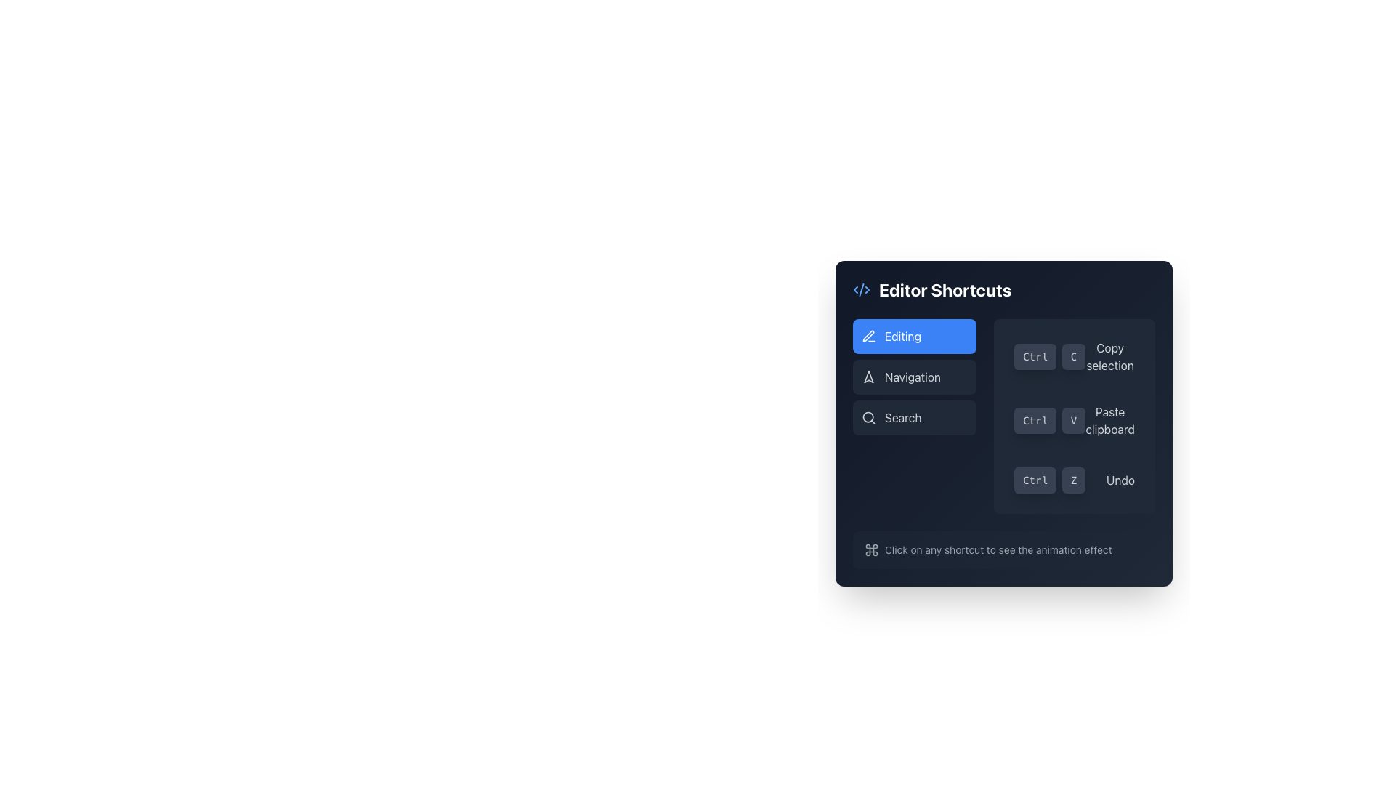  What do you see at coordinates (1003, 549) in the screenshot?
I see `informative text element that displays 'Click on any shortcut to see the animation effect', which includes an inline command key icon on the left and is located at the bottom of the 'Editor Shortcuts' panel` at bounding box center [1003, 549].